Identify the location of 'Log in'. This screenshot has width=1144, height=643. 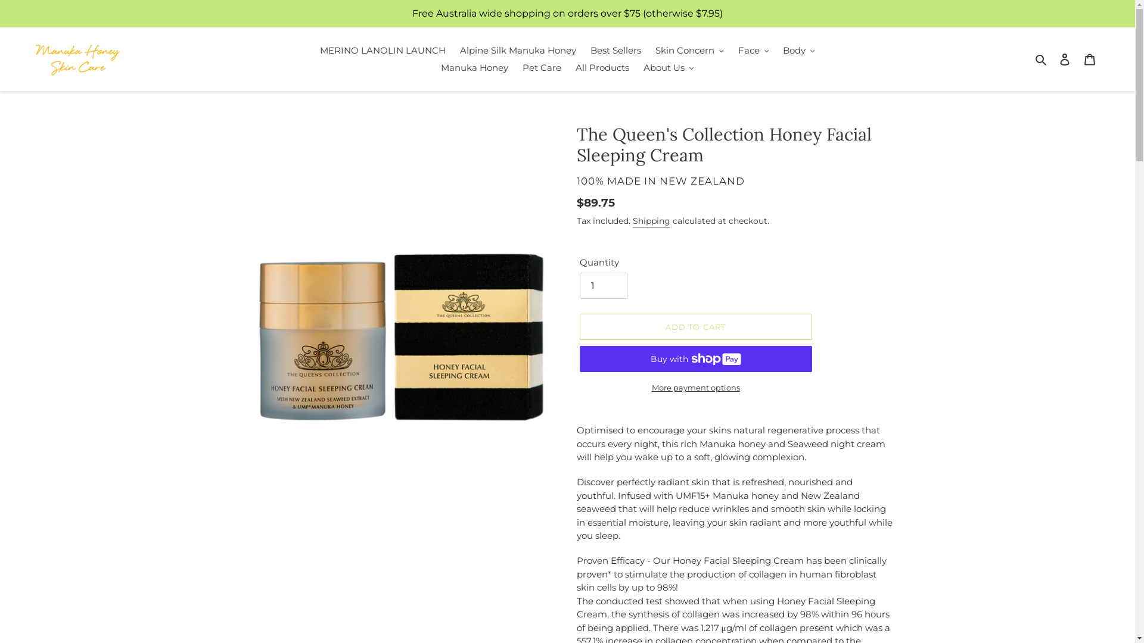
(1064, 59).